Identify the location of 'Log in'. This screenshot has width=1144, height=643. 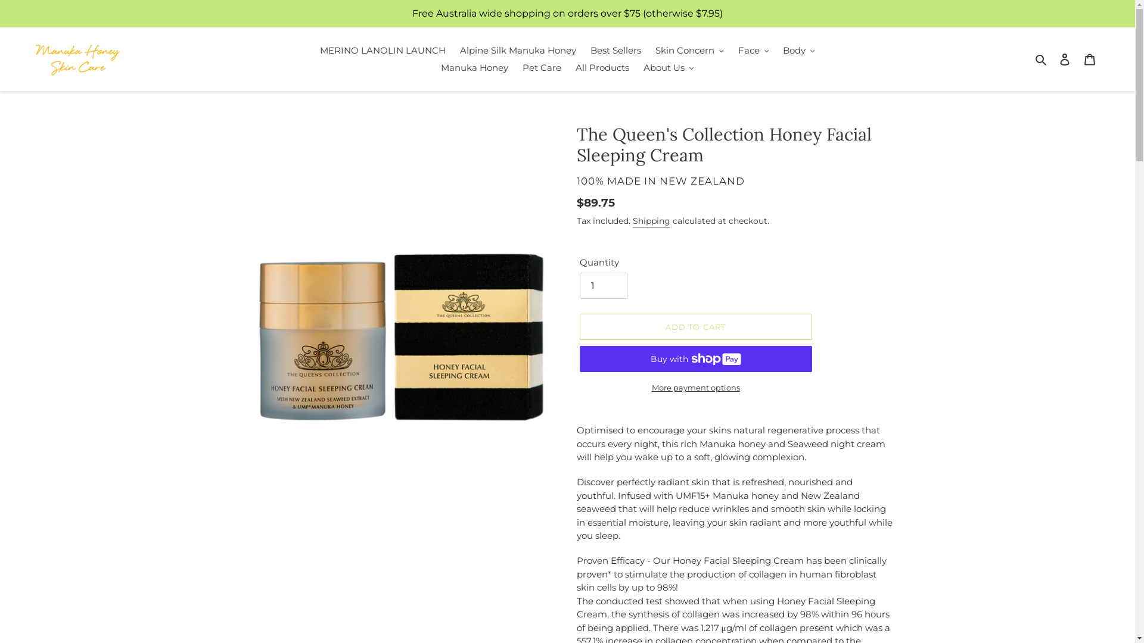
(1064, 59).